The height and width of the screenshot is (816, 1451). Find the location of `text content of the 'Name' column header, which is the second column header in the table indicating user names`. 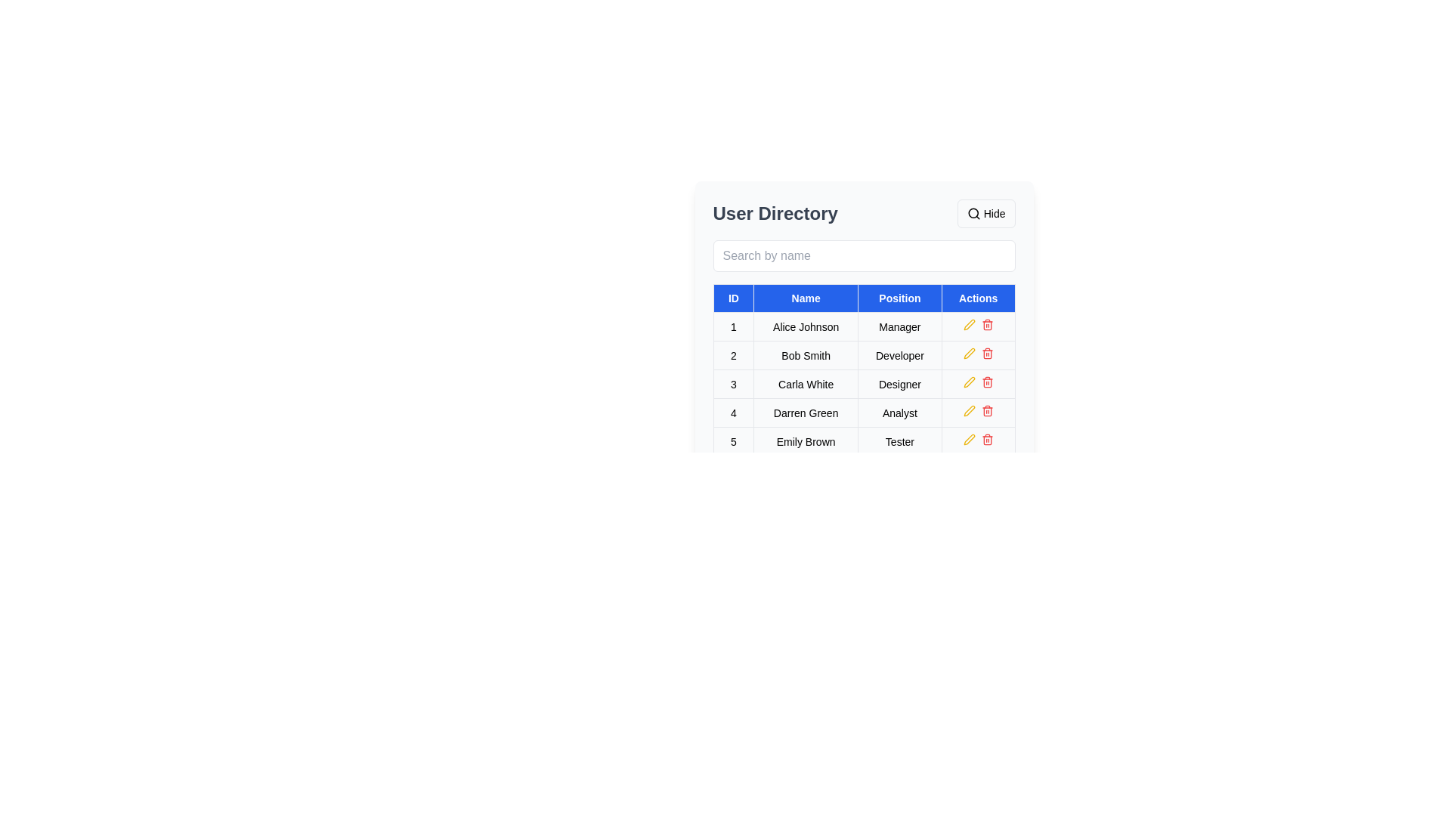

text content of the 'Name' column header, which is the second column header in the table indicating user names is located at coordinates (805, 298).